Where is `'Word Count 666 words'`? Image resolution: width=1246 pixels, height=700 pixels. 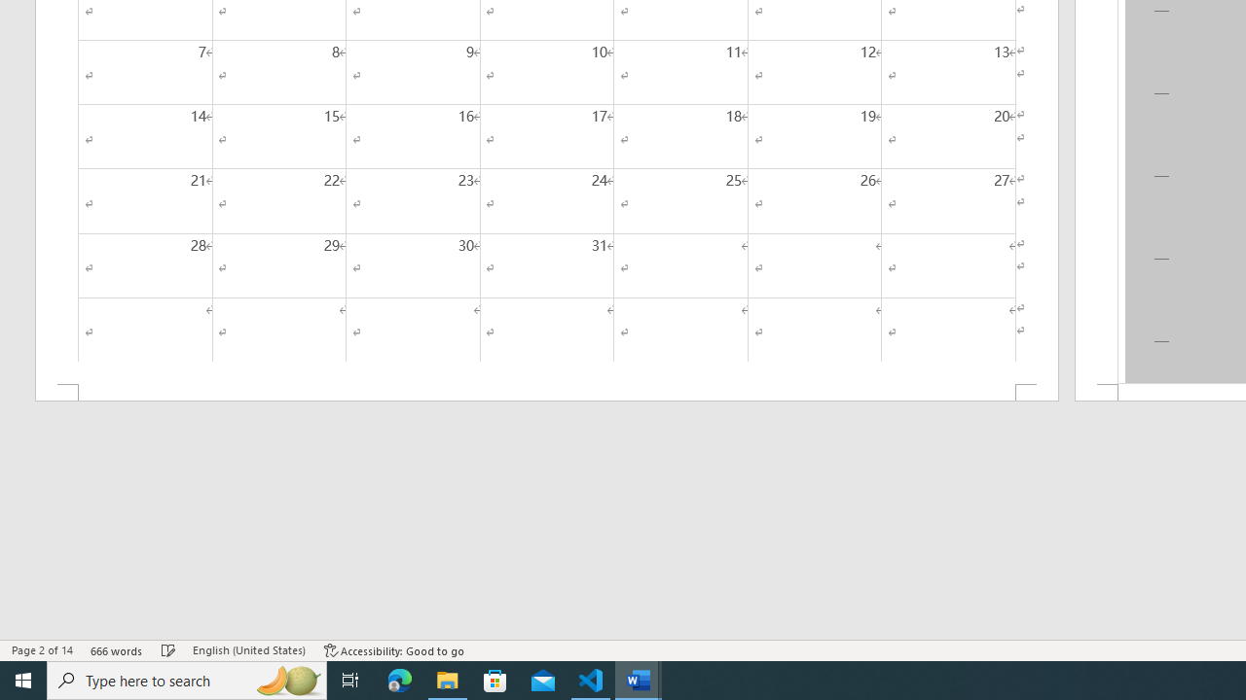
'Word Count 666 words' is located at coordinates (116, 650).